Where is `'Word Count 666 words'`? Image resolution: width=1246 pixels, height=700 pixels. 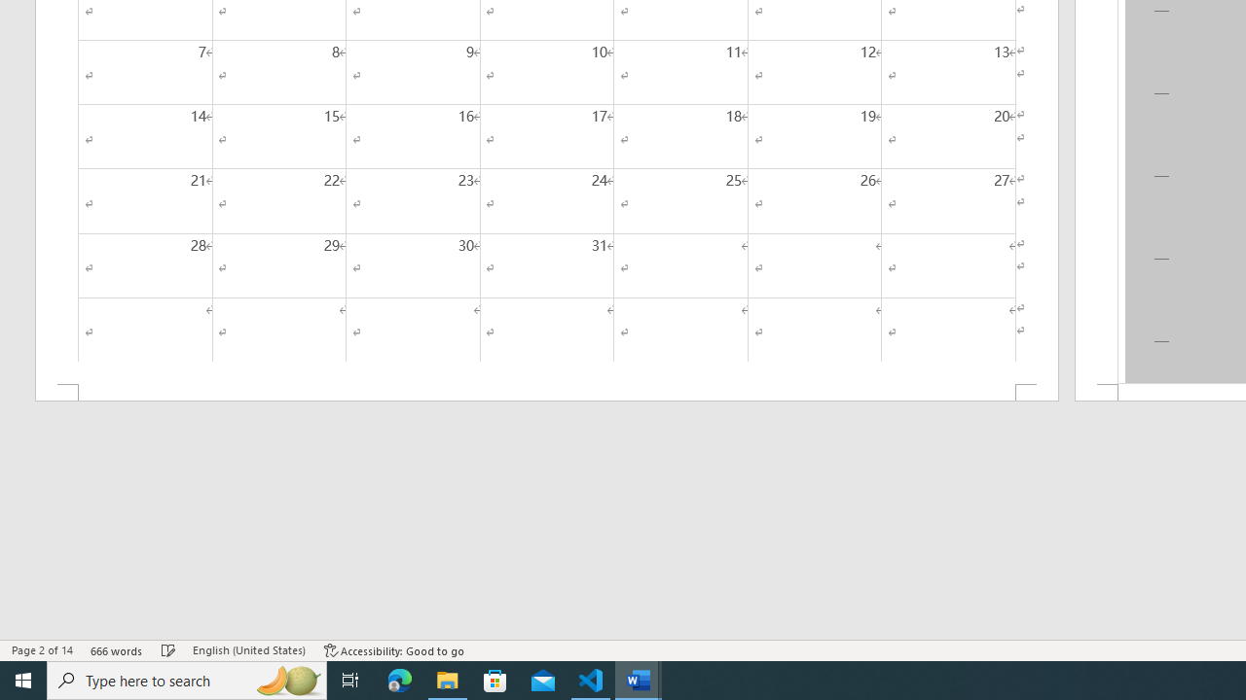
'Word Count 666 words' is located at coordinates (116, 650).